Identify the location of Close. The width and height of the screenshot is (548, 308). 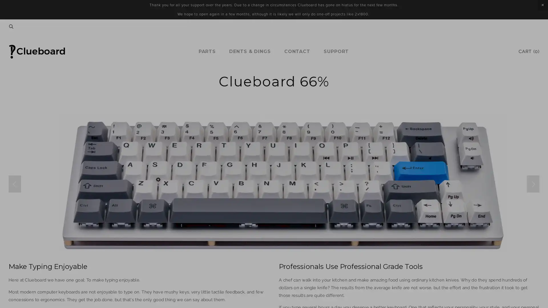
(356, 82).